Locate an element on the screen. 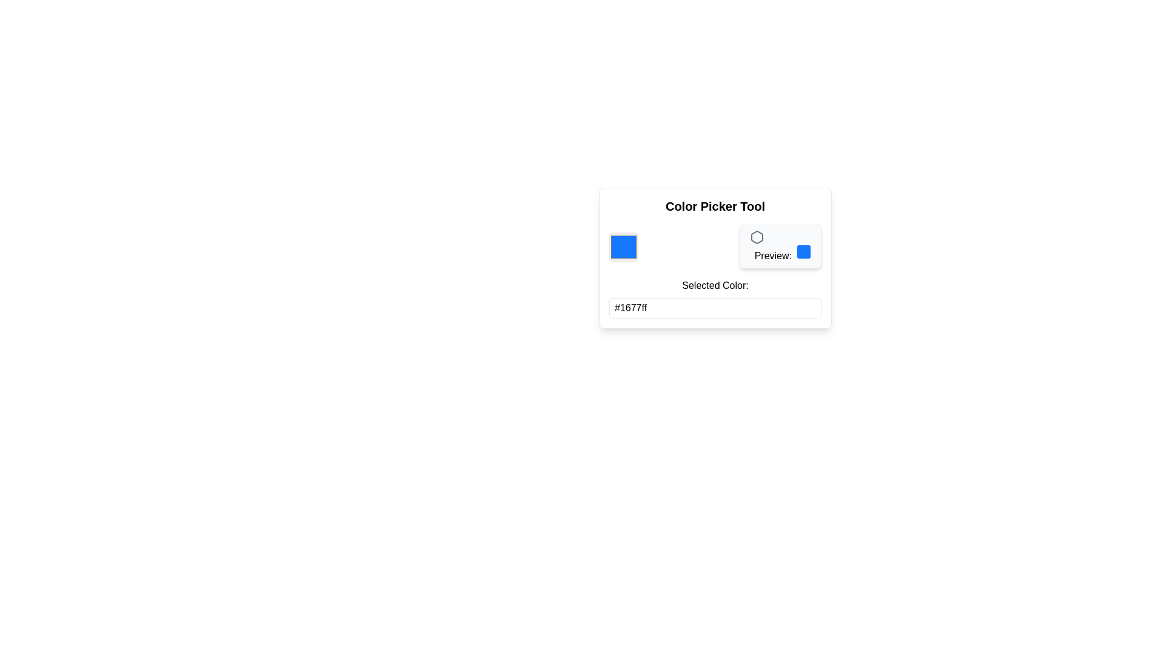  the hexagonal icon located in the 'Preview' section, which features a stroke-based design with grayish lines and is positioned adjacent to a blue color swatch is located at coordinates (756, 237).